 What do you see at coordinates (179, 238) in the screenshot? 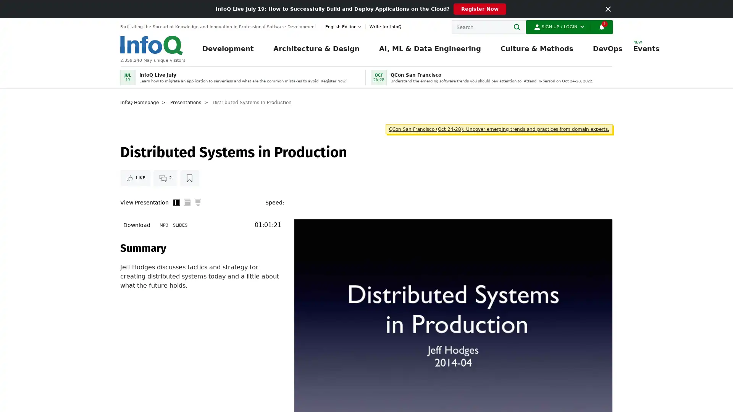
I see `Slides` at bounding box center [179, 238].